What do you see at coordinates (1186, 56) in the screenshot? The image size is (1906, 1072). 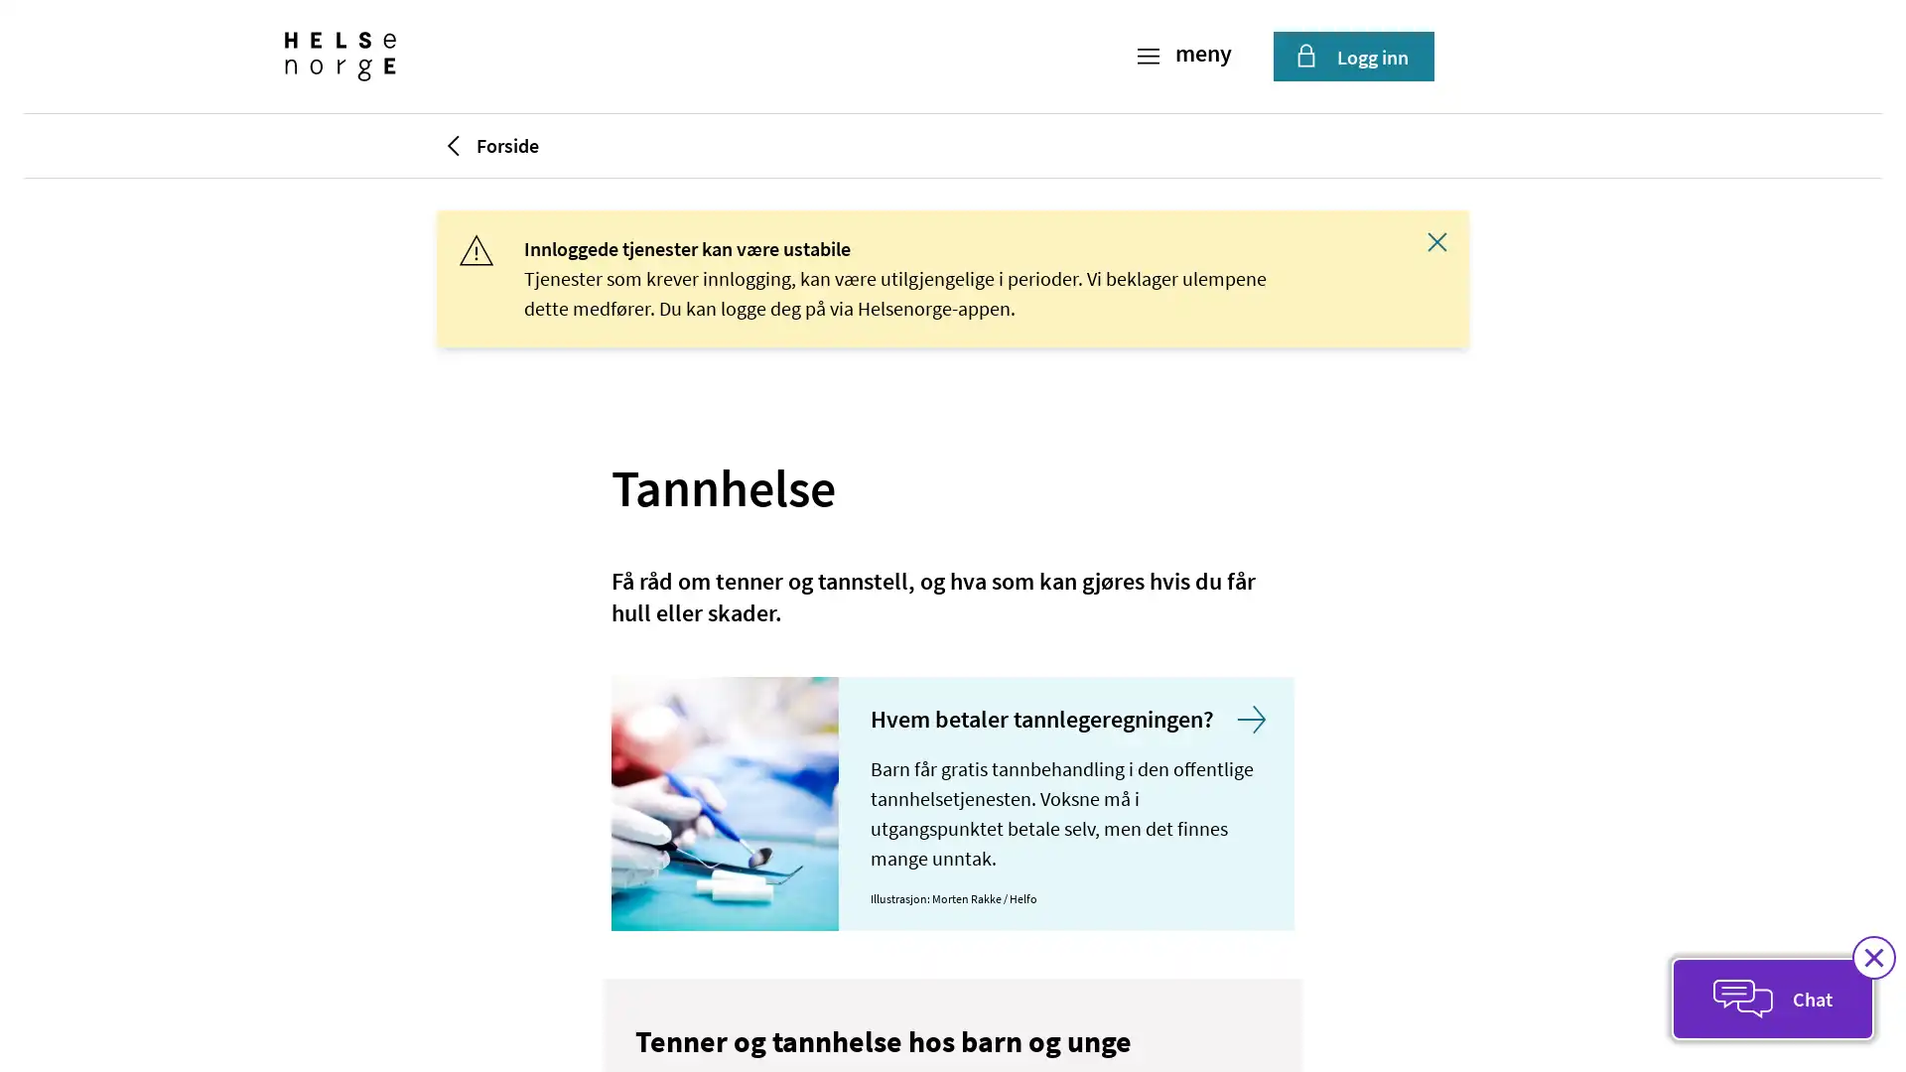 I see `meny` at bounding box center [1186, 56].